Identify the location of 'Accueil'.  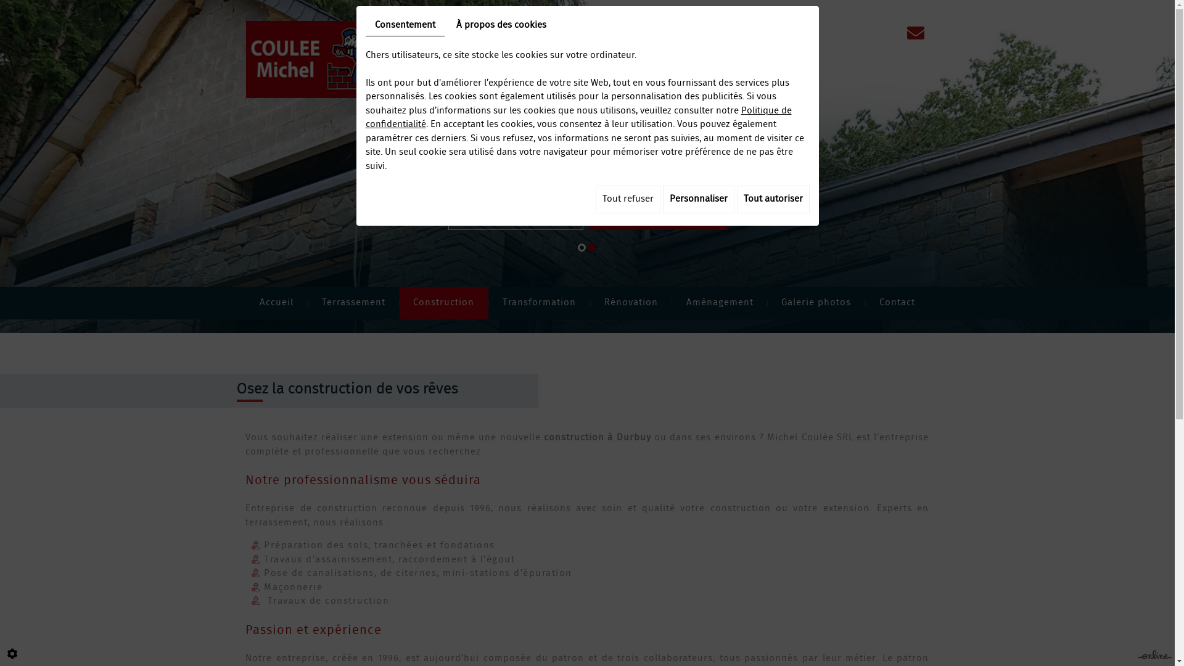
(275, 303).